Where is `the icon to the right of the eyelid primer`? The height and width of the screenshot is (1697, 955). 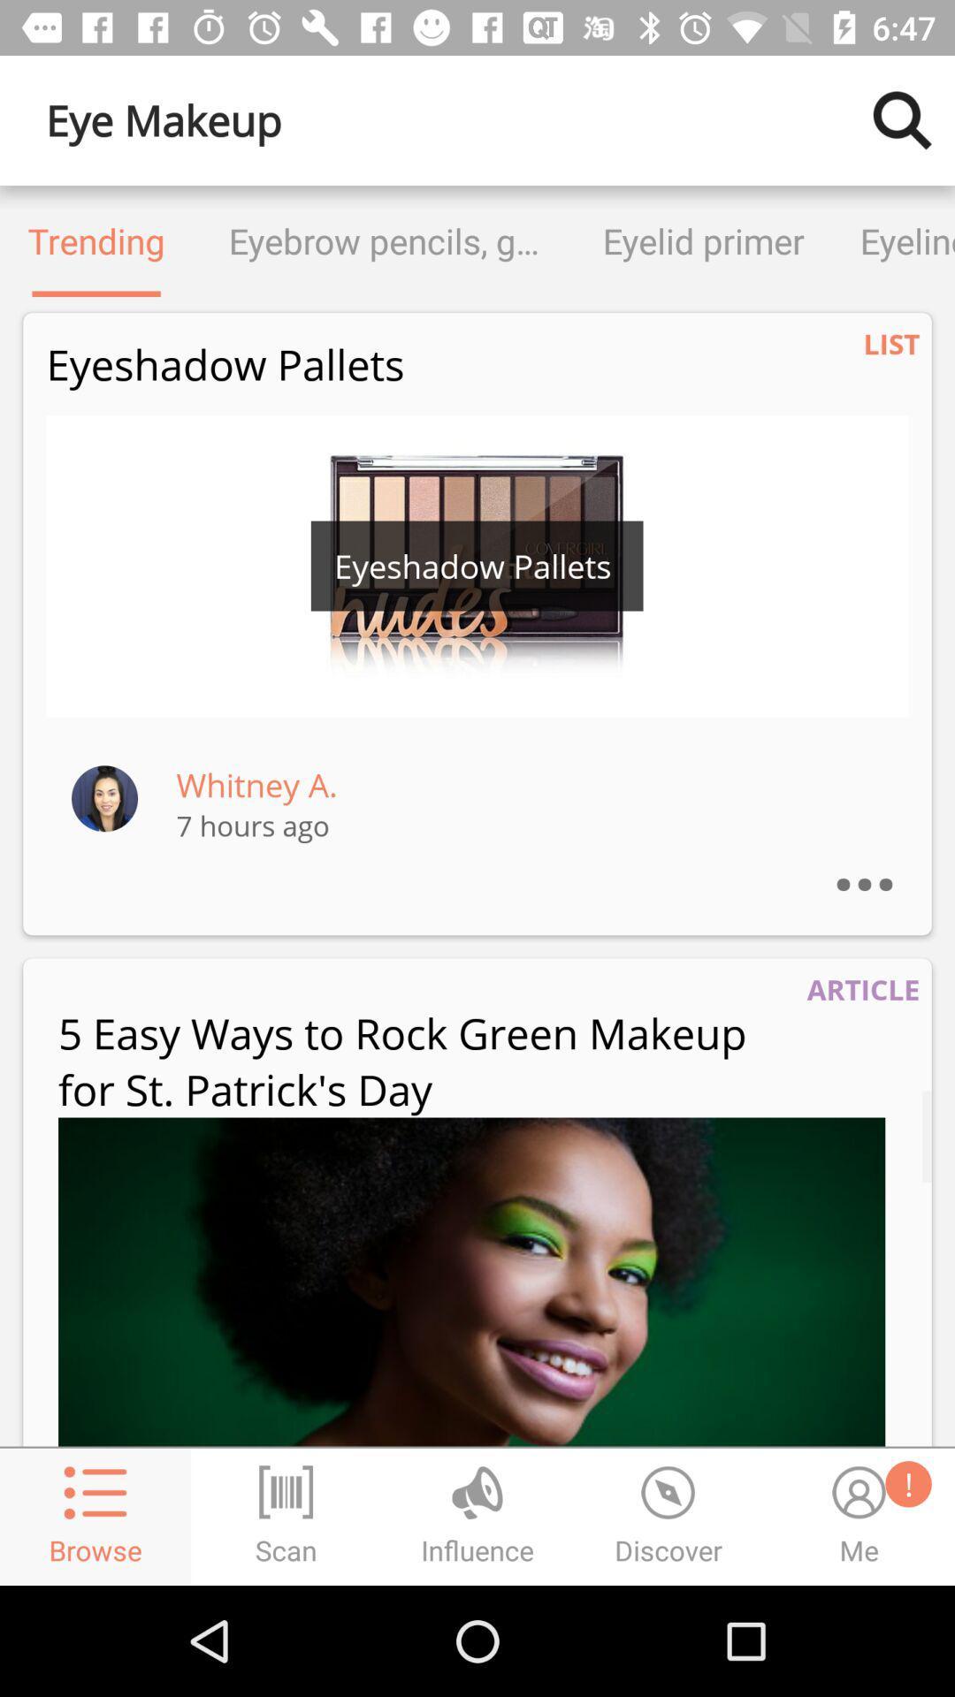
the icon to the right of the eyelid primer is located at coordinates (893, 240).